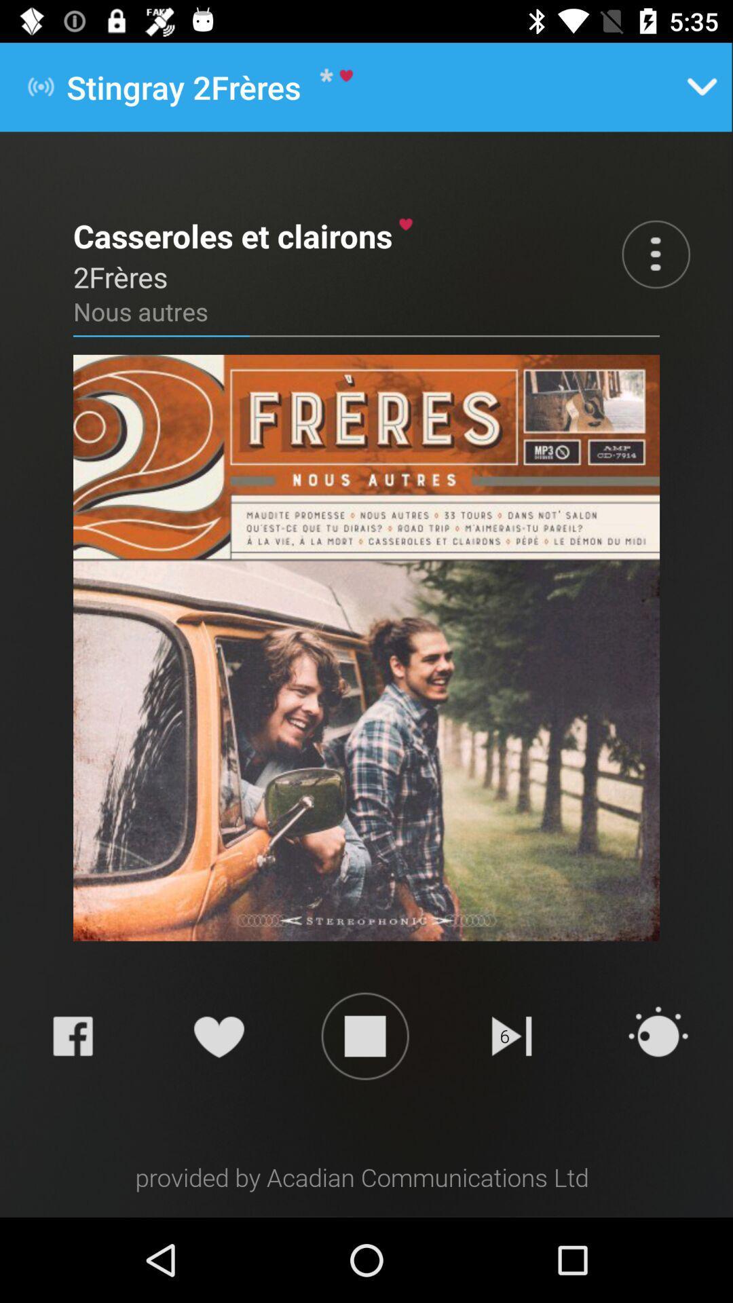  What do you see at coordinates (655, 254) in the screenshot?
I see `the more icon` at bounding box center [655, 254].